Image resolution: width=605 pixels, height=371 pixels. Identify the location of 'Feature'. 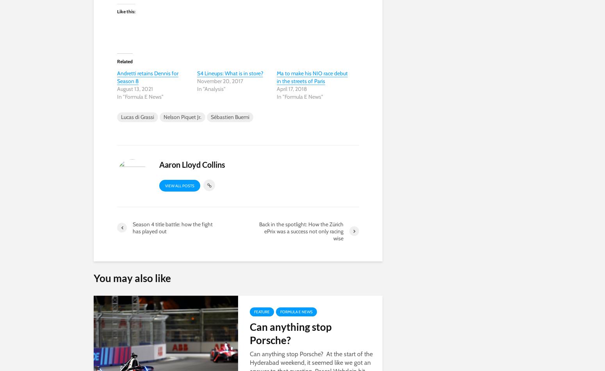
(261, 311).